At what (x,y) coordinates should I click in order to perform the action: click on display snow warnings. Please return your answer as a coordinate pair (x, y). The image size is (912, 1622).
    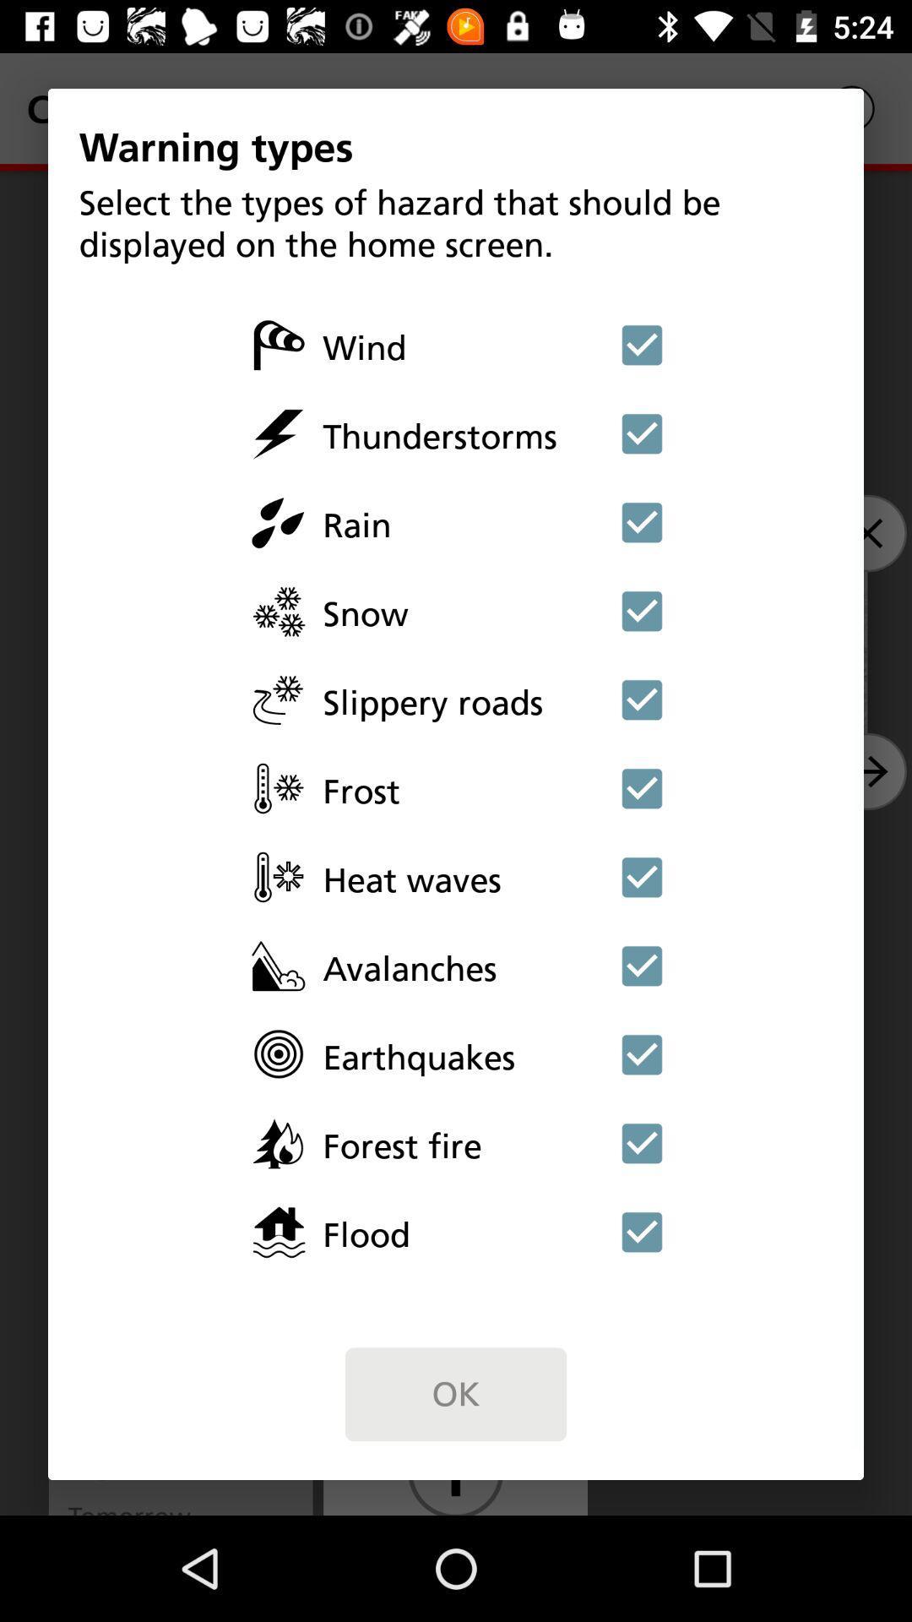
    Looking at the image, I should click on (642, 610).